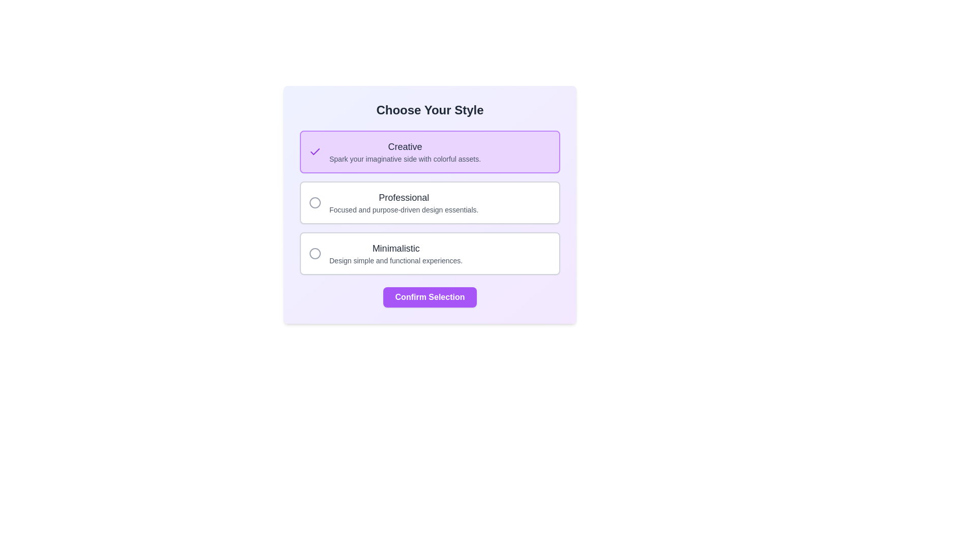 This screenshot has width=976, height=549. Describe the element at coordinates (430, 202) in the screenshot. I see `the radio button for the 'Professional' style option` at that location.